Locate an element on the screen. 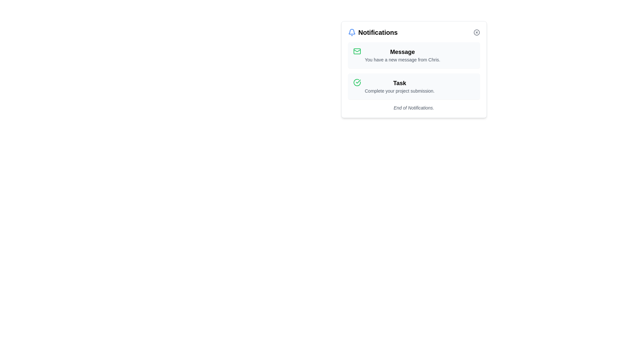  the green outlined envelope icon located to the left of the text content 'Message You have a new message from Chris.' within the notification card at the top of the notification list is located at coordinates (357, 51).